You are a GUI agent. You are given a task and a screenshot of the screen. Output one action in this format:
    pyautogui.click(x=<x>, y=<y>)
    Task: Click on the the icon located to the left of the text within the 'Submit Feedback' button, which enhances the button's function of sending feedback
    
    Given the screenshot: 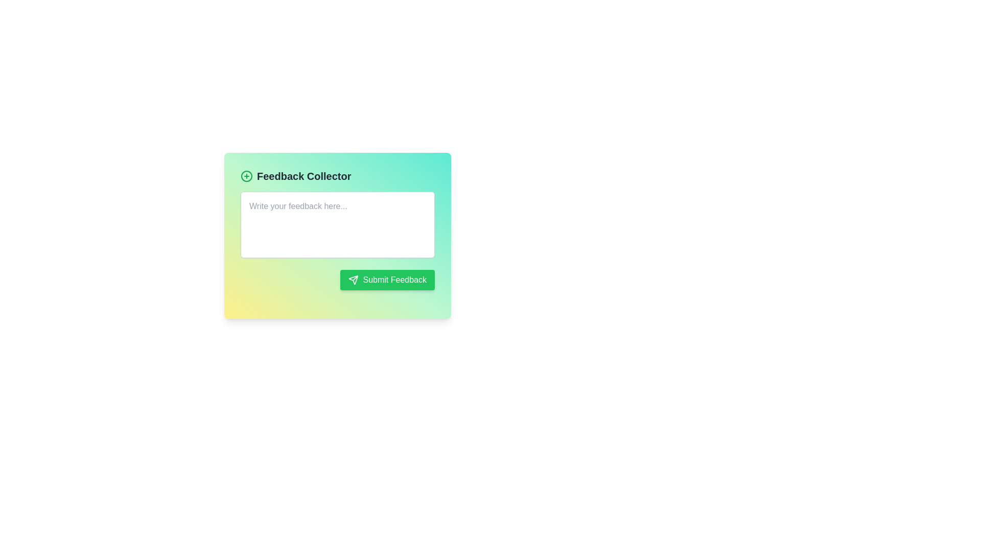 What is the action you would take?
    pyautogui.click(x=354, y=280)
    